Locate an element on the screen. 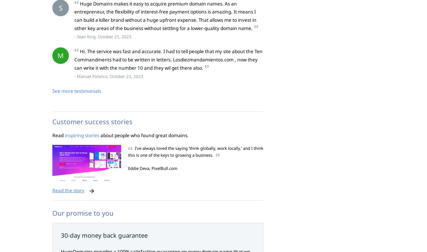  'S' is located at coordinates (60, 7).